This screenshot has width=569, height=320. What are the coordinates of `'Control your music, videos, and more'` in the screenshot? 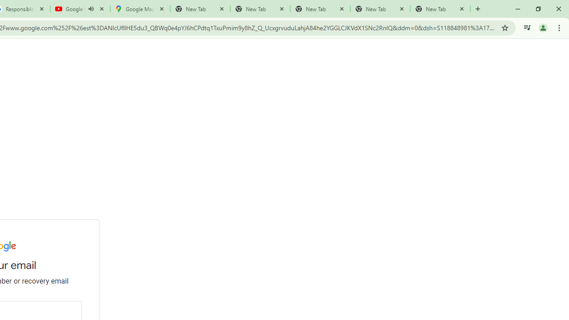 It's located at (527, 27).